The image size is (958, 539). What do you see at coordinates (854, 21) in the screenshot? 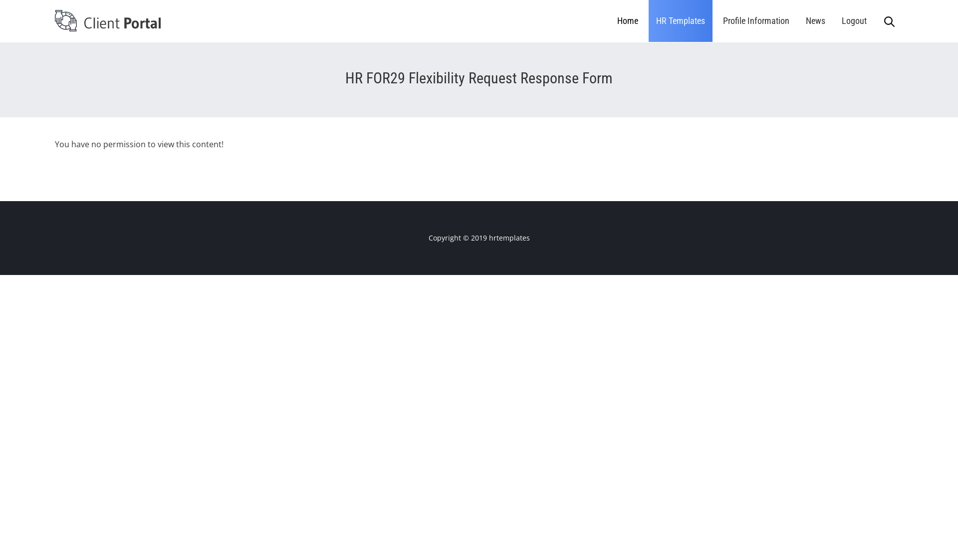
I see `'Logout'` at bounding box center [854, 21].